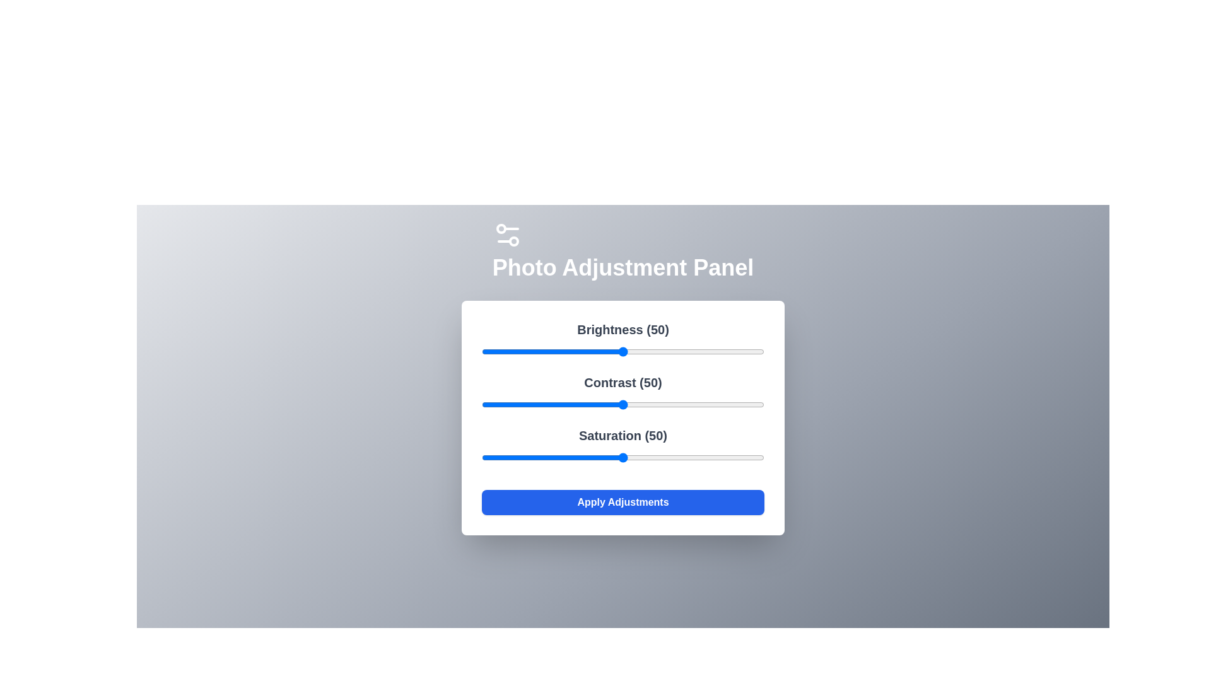 The image size is (1211, 681). I want to click on the 0 slider to 35, so click(580, 352).